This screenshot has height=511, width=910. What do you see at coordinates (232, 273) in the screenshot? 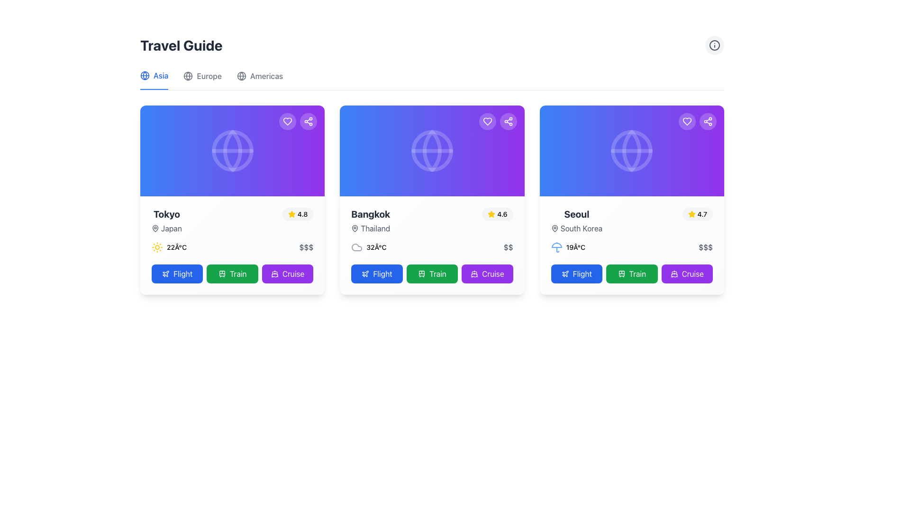
I see `the 'Train' button, which is the second button among the 'Flight', 'Train', and 'Cruise' options located at the bottom of the 'Tokyo' card` at bounding box center [232, 273].